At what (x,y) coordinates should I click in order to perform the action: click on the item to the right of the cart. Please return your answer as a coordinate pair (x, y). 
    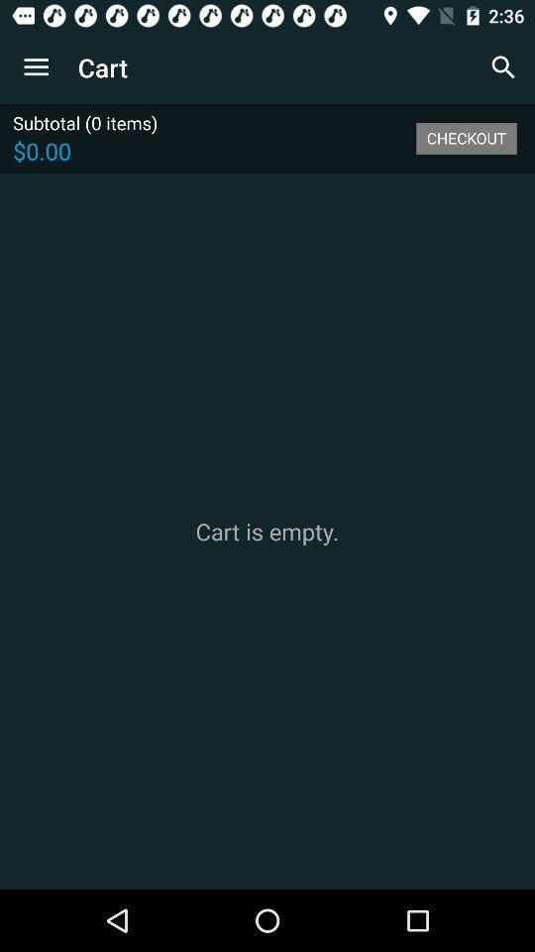
    Looking at the image, I should click on (503, 67).